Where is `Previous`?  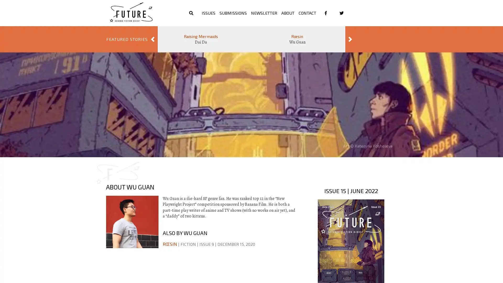
Previous is located at coordinates (152, 39).